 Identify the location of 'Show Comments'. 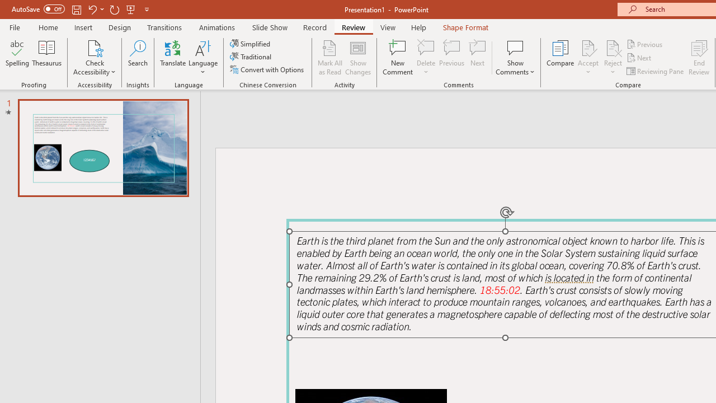
(515, 58).